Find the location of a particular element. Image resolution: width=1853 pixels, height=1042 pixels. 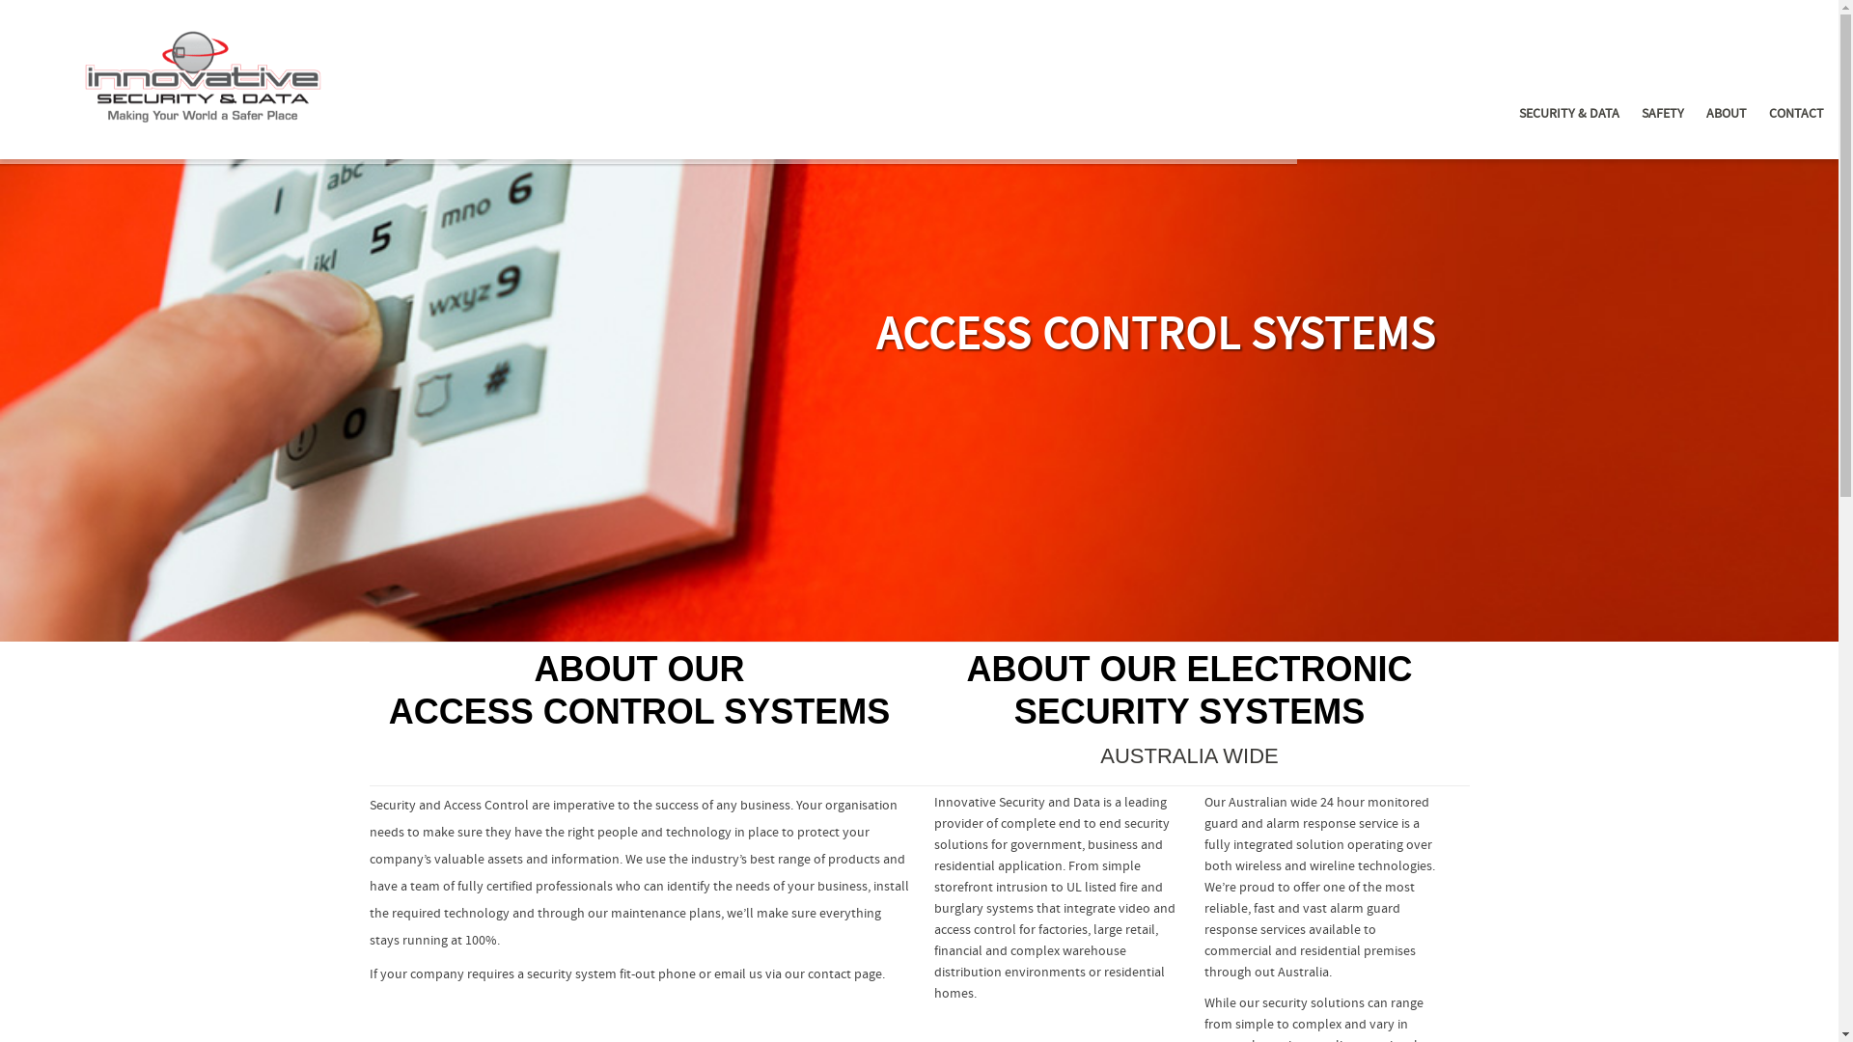

'SAFETY' is located at coordinates (1662, 115).